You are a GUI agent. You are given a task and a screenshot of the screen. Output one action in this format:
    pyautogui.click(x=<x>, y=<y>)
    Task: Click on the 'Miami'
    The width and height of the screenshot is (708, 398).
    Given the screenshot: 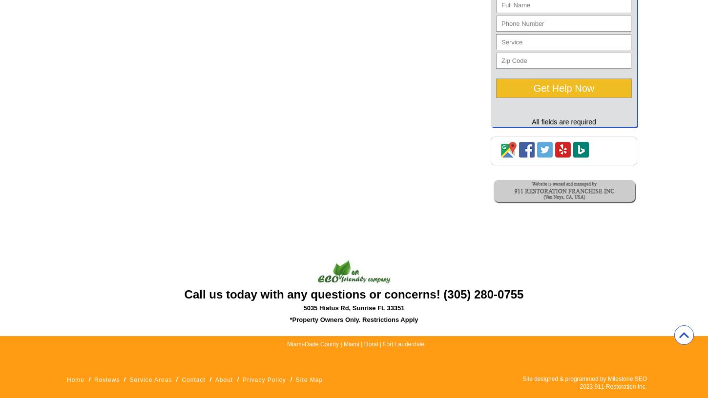 What is the action you would take?
    pyautogui.click(x=351, y=344)
    